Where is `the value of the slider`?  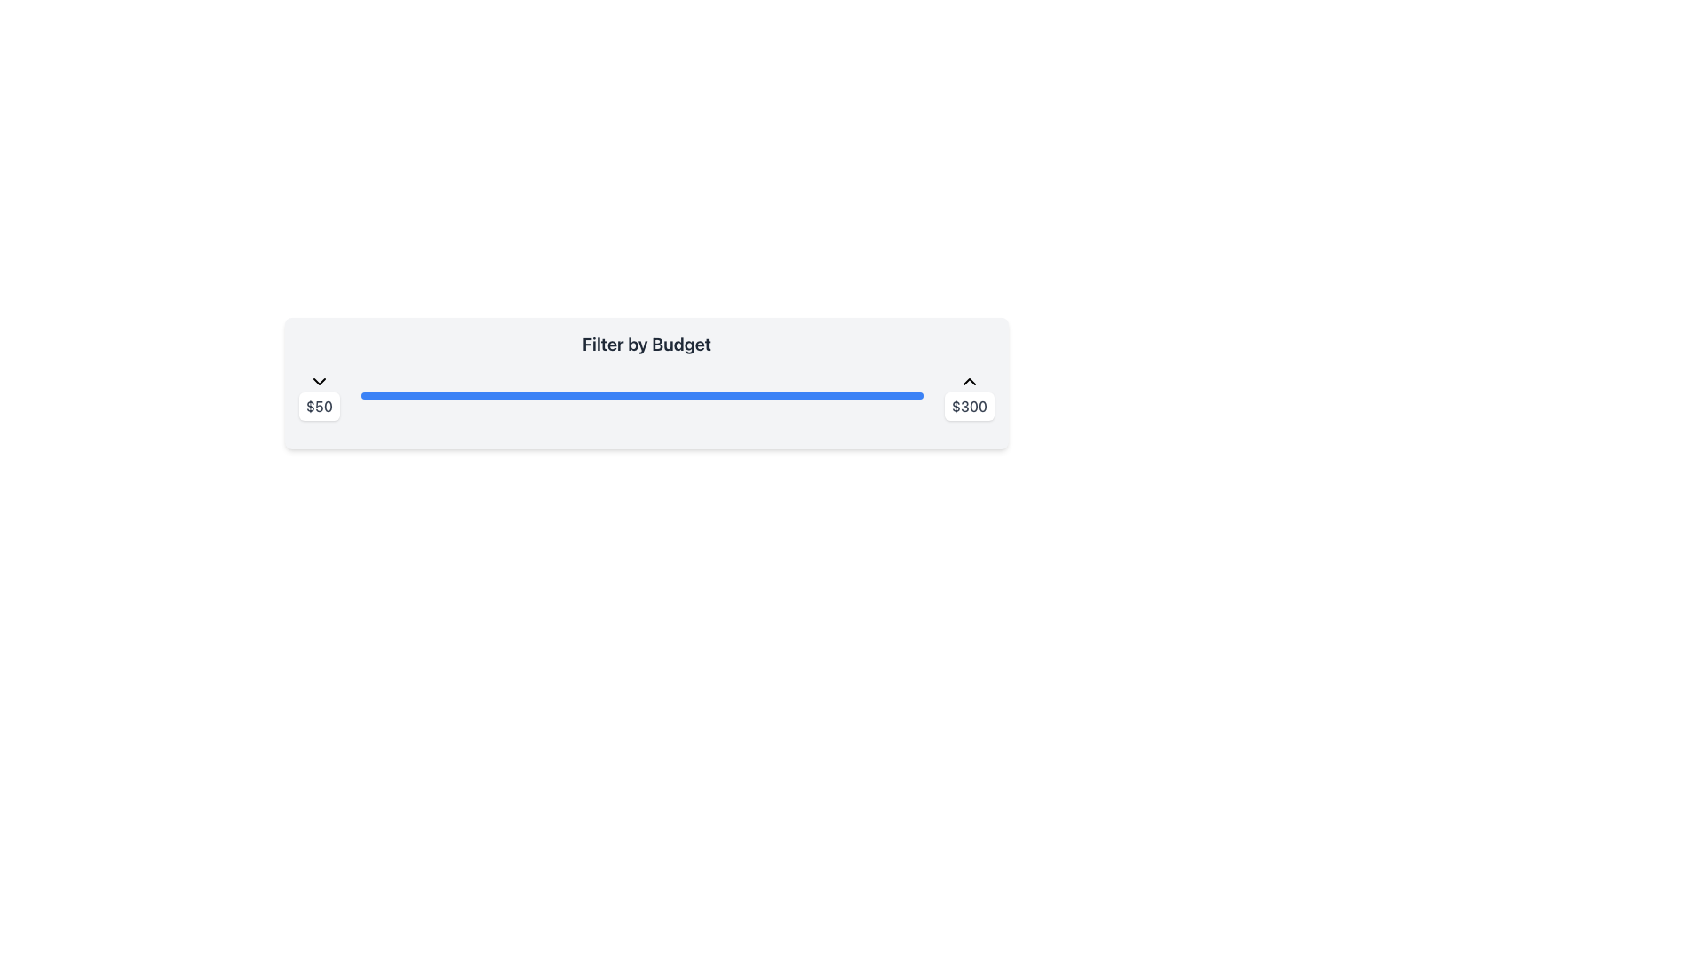
the value of the slider is located at coordinates (862, 395).